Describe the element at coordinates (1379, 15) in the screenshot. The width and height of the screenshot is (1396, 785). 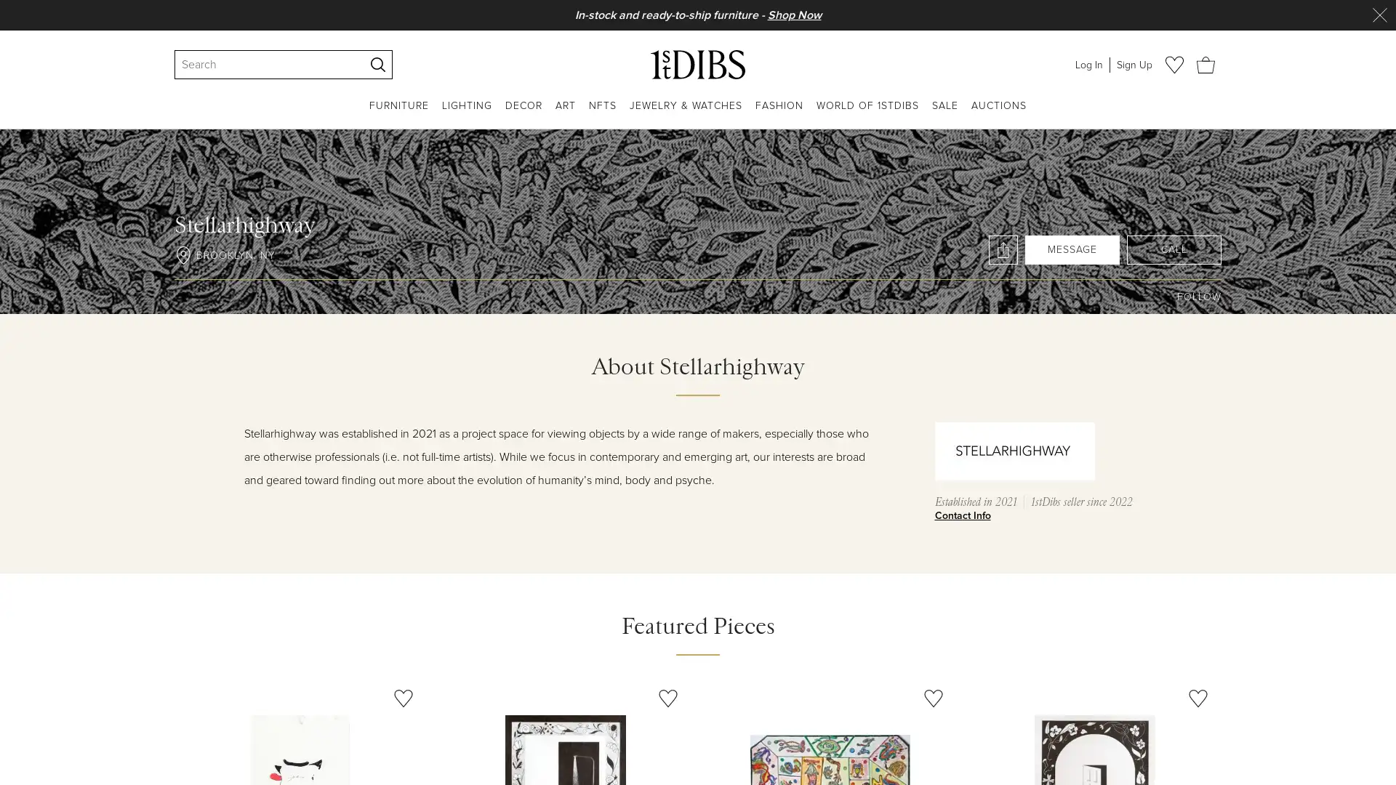
I see `Close` at that location.